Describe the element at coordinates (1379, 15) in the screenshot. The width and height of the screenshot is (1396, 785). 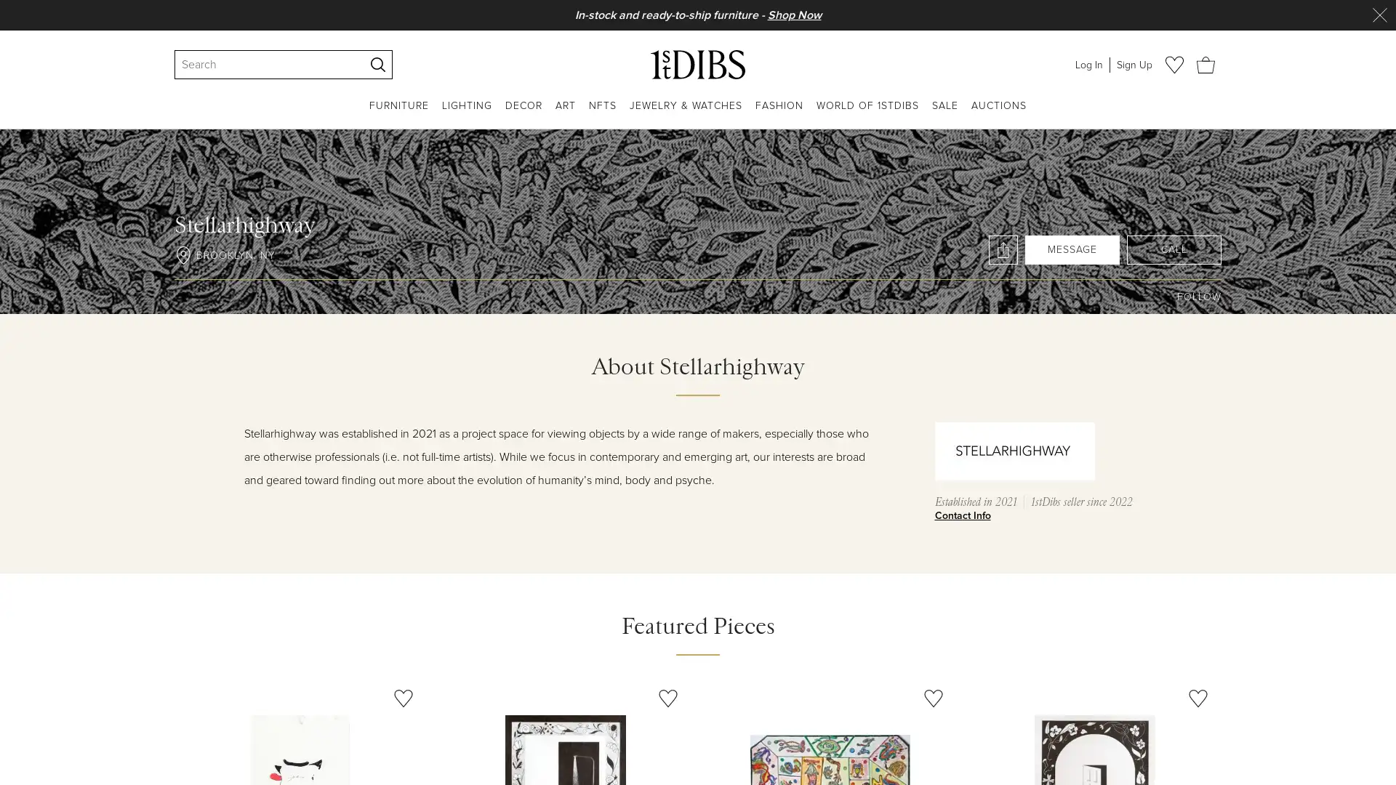
I see `Close` at that location.